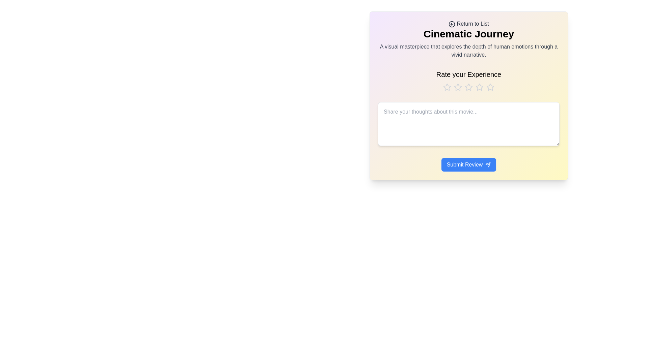 The image size is (648, 364). Describe the element at coordinates (452, 24) in the screenshot. I see `the circular navigation icon with a left-pointing arrow, located at the top-left side of the header` at that location.